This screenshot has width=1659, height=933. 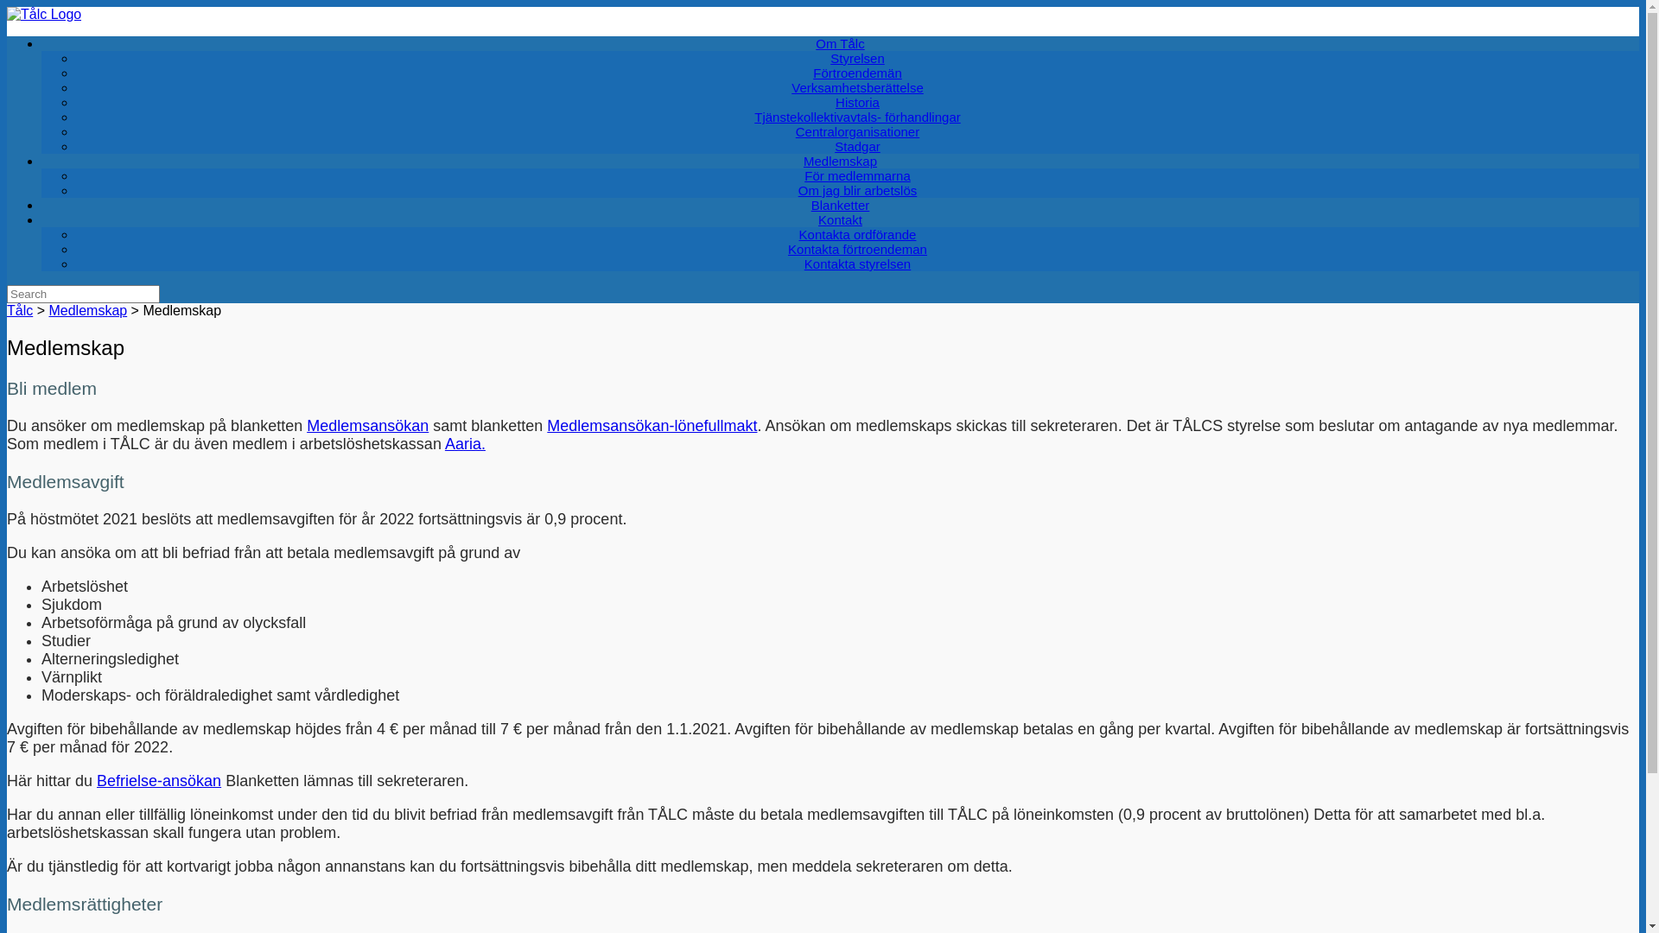 I want to click on 'Centralorganisationer', so click(x=769, y=130).